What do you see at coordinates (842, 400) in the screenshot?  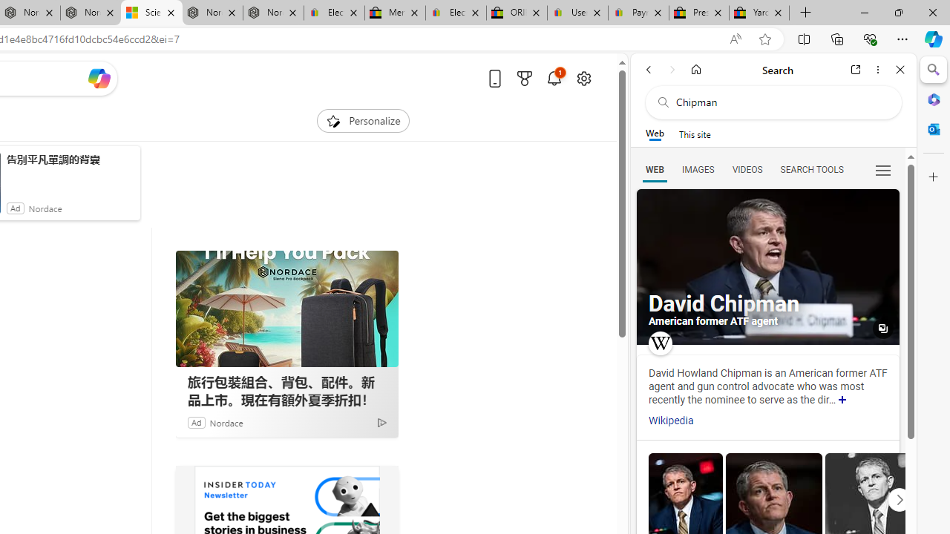 I see `'Show more'` at bounding box center [842, 400].